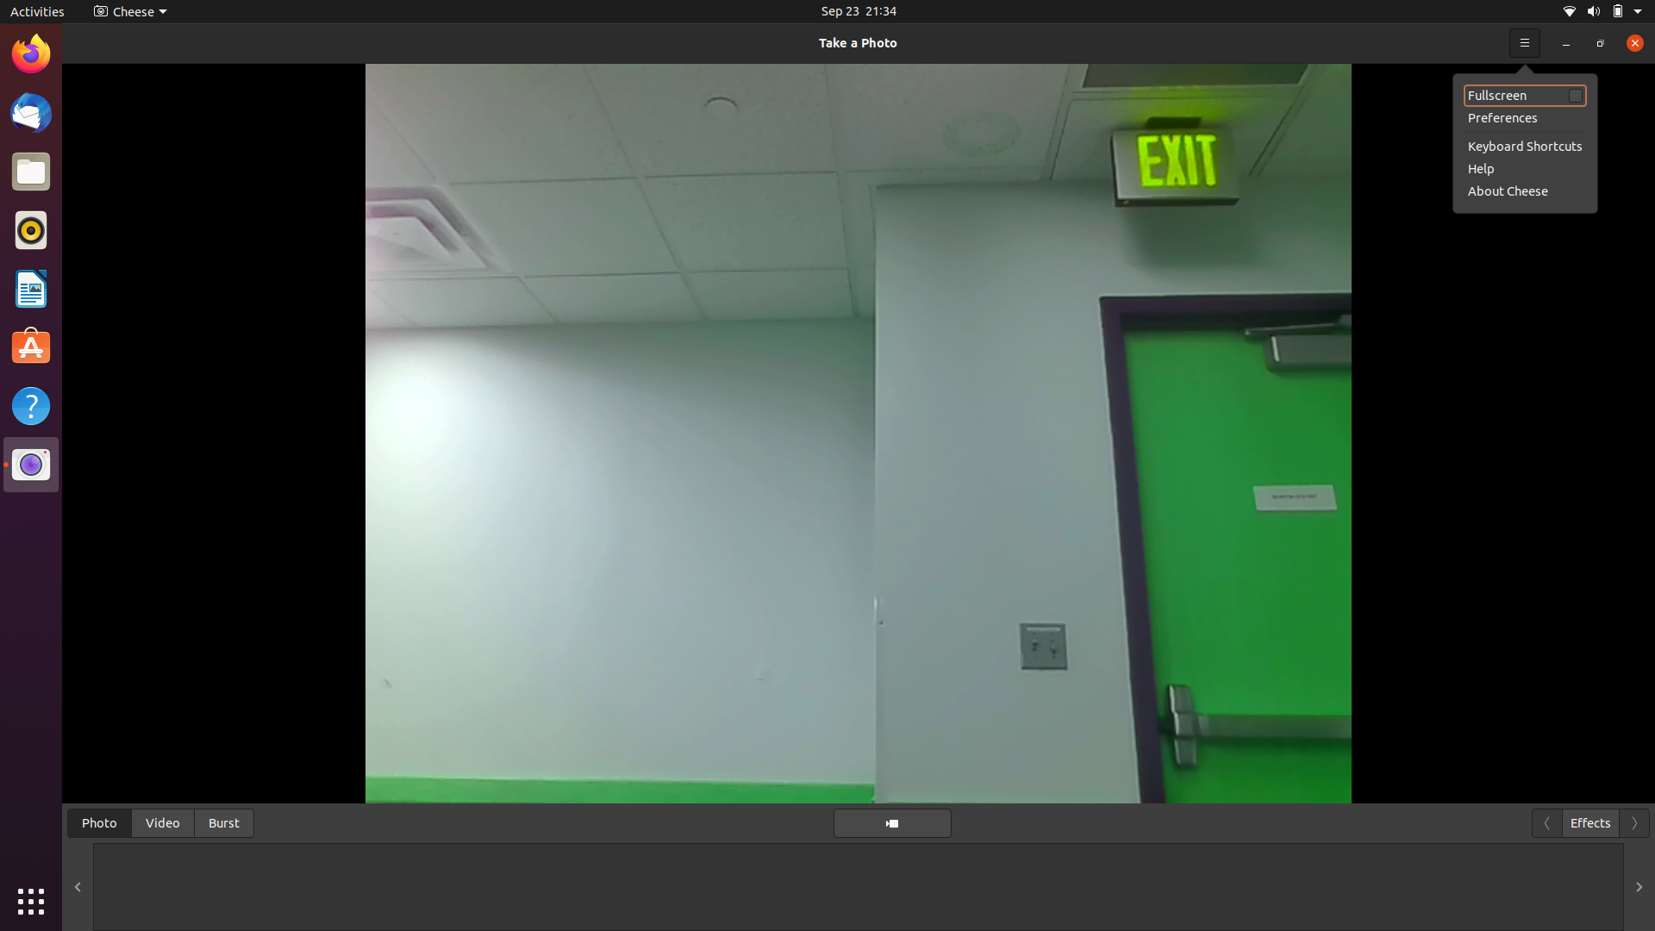 Image resolution: width=1655 pixels, height=931 pixels. Describe the element at coordinates (162, 821) in the screenshot. I see `Transition to video mode and commence video capture` at that location.